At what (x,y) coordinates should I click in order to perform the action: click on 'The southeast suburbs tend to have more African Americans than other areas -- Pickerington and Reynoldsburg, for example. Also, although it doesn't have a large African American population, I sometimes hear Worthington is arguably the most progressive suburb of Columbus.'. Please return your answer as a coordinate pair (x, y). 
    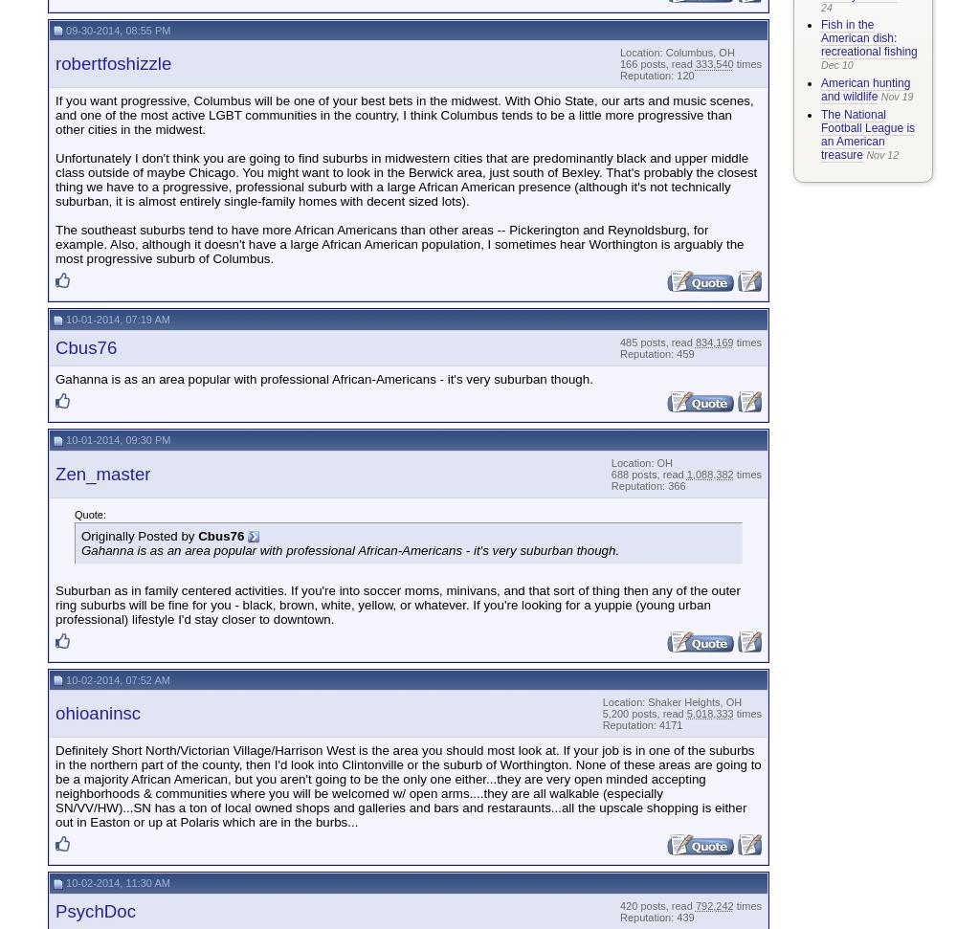
    Looking at the image, I should click on (399, 244).